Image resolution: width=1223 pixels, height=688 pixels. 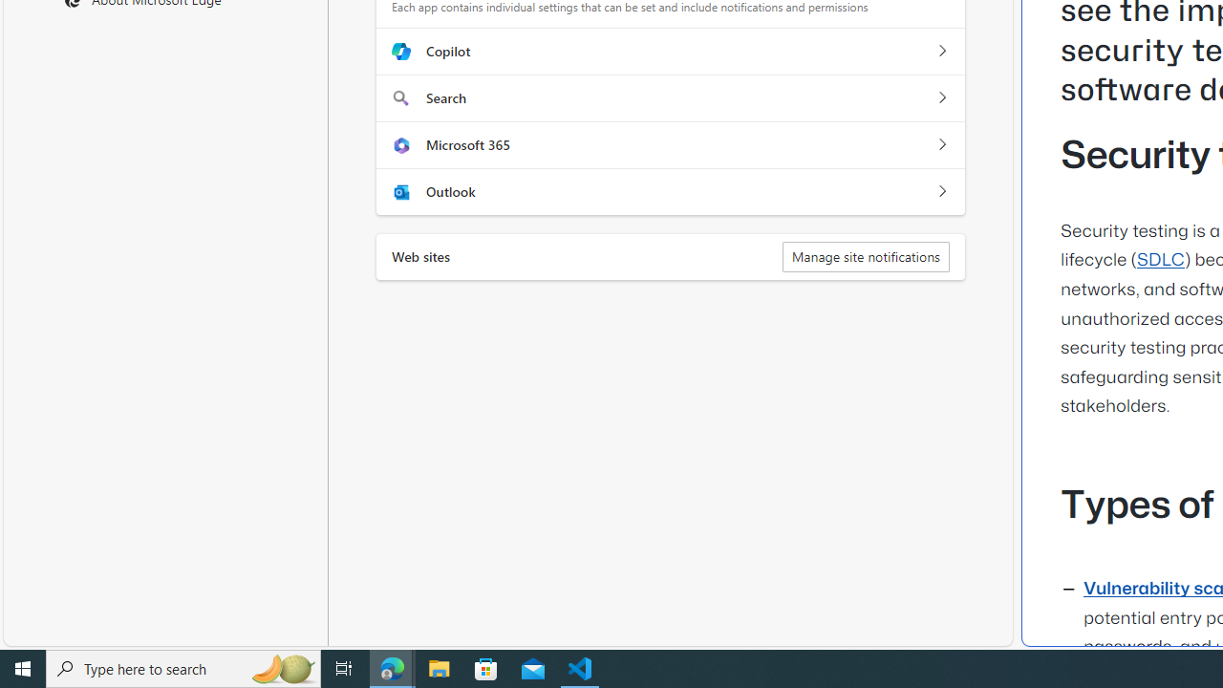 I want to click on 'Manage site notifications', so click(x=865, y=255).